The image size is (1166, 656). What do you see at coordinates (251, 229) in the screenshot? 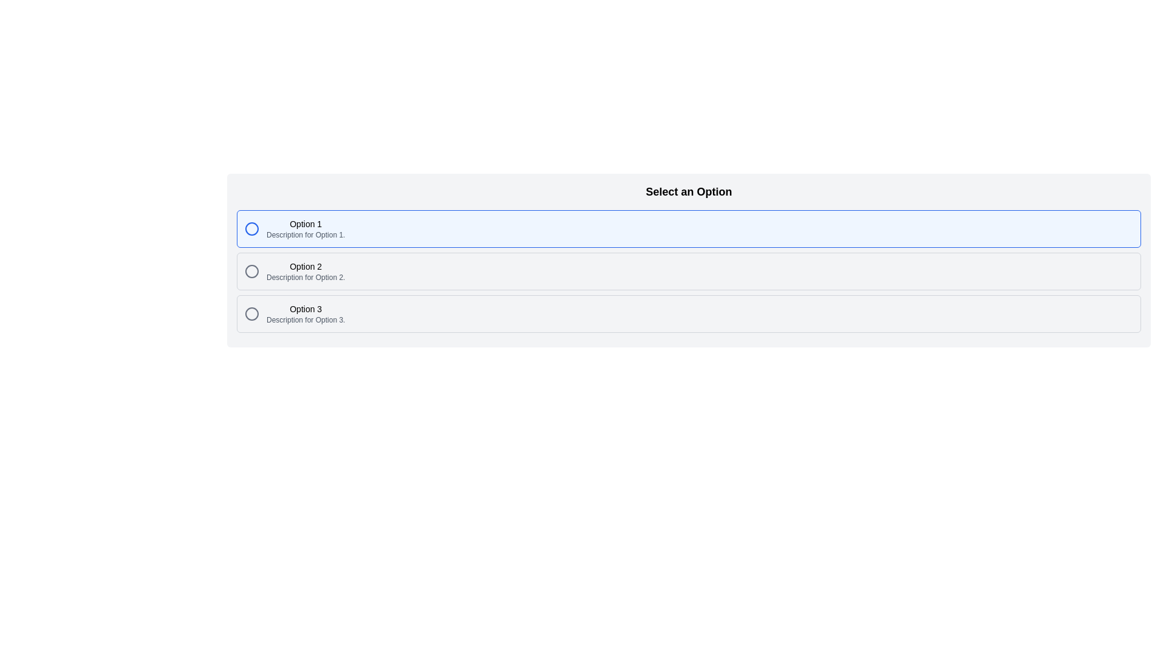
I see `the radio button with a blue border and hollow center located on the left side of 'Option 1' in a vertical list` at bounding box center [251, 229].